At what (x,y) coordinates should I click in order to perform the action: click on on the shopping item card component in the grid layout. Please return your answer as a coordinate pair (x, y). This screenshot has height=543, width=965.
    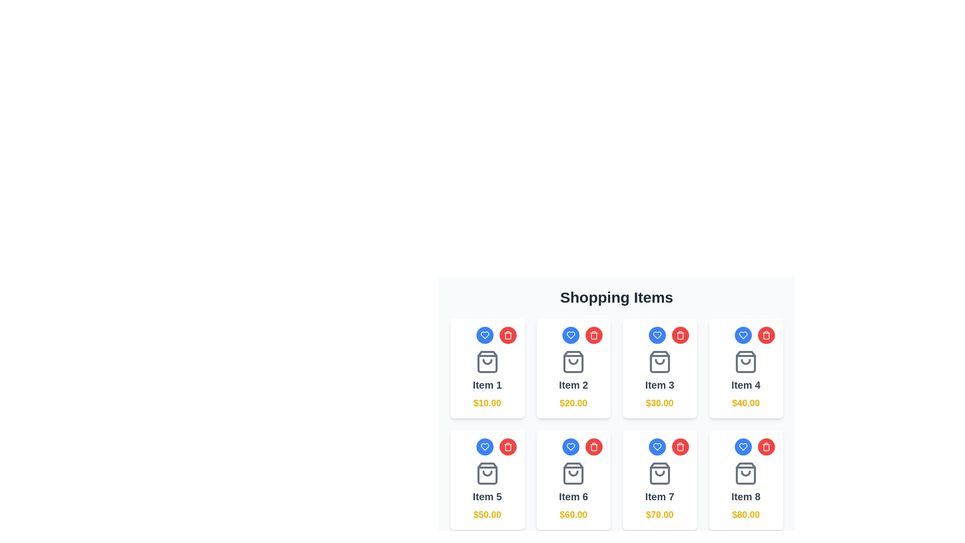
    Looking at the image, I should click on (573, 368).